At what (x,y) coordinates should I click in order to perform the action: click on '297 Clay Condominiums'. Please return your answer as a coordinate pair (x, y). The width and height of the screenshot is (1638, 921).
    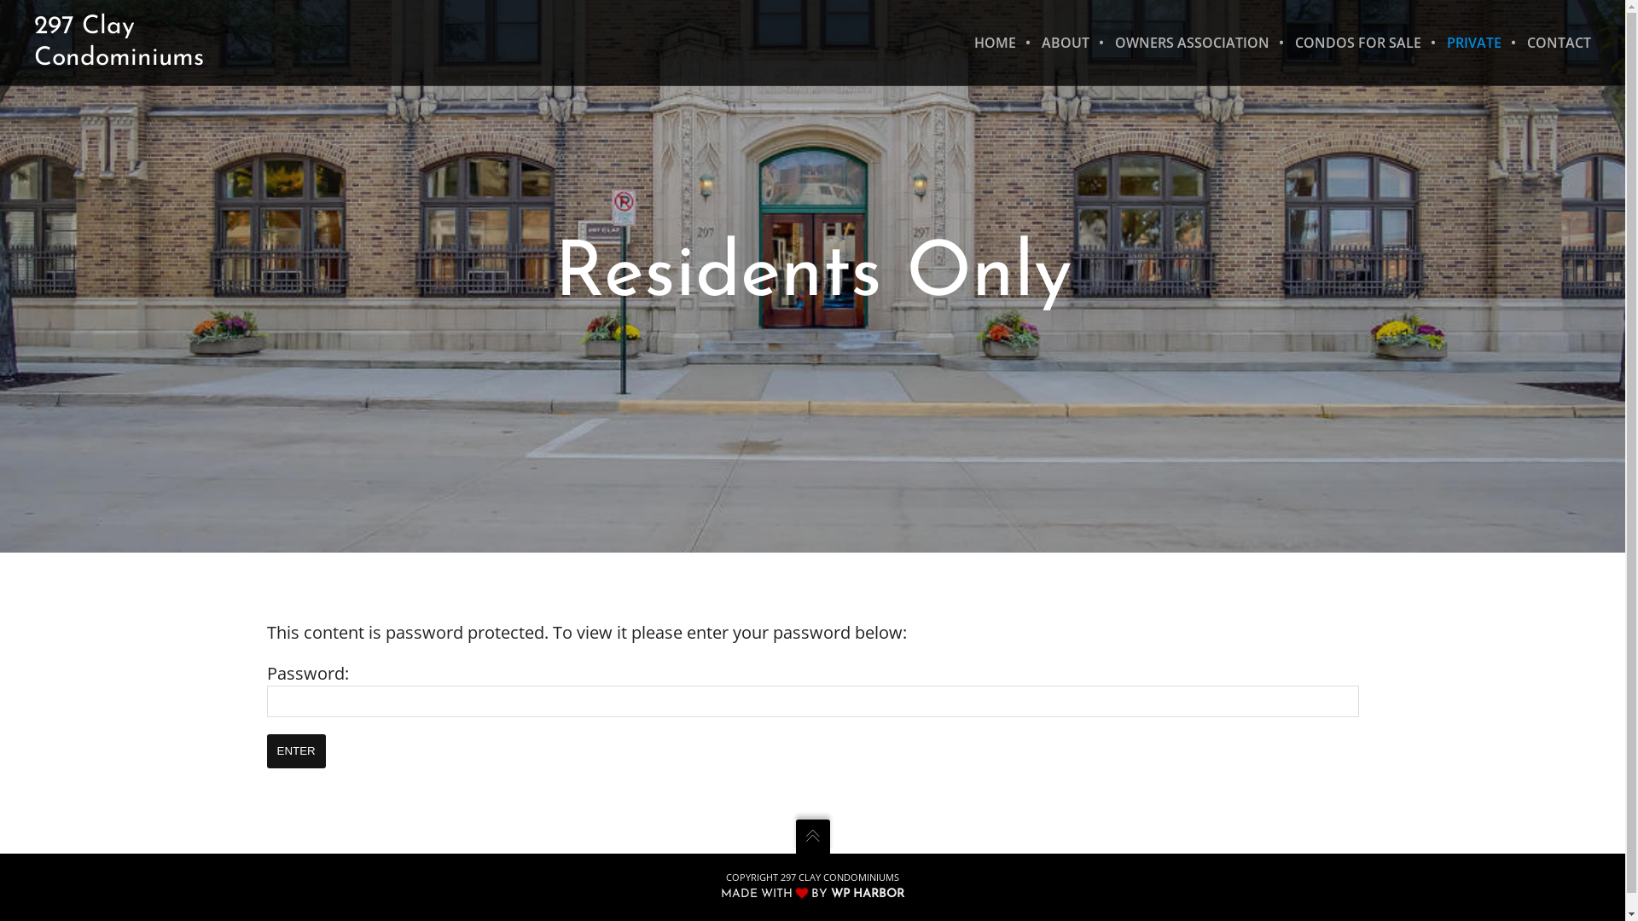
    Looking at the image, I should click on (33, 42).